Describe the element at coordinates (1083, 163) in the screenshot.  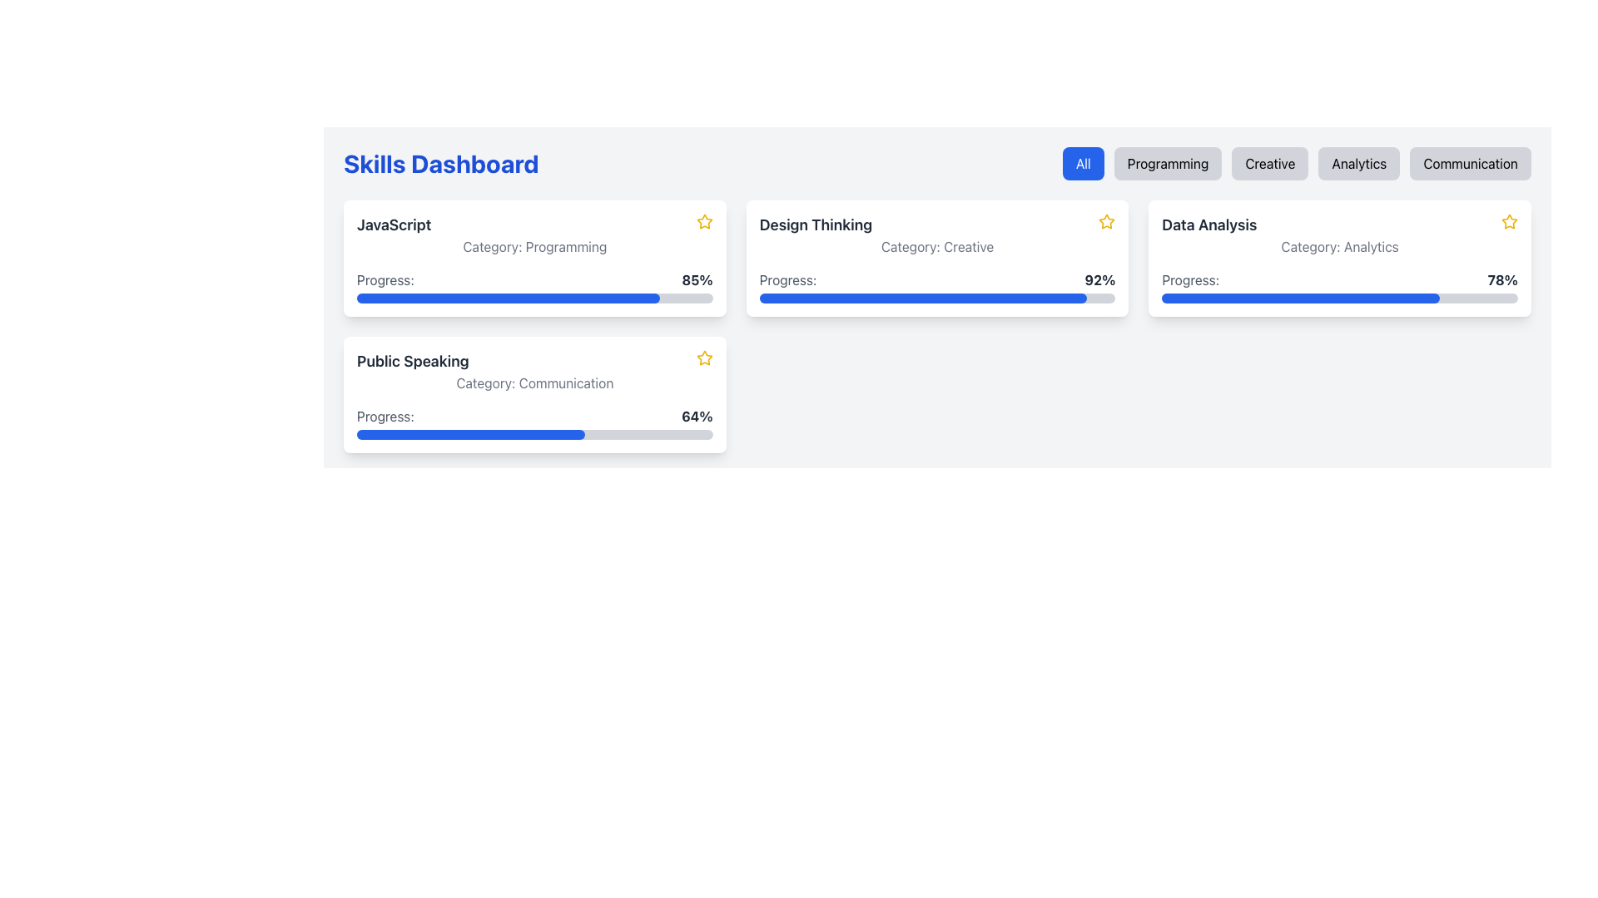
I see `the button with rounded corners and a blue background labeled 'All', which is the leftmost button in a horizontal group of five buttons located in the upper-right section of the interface` at that location.